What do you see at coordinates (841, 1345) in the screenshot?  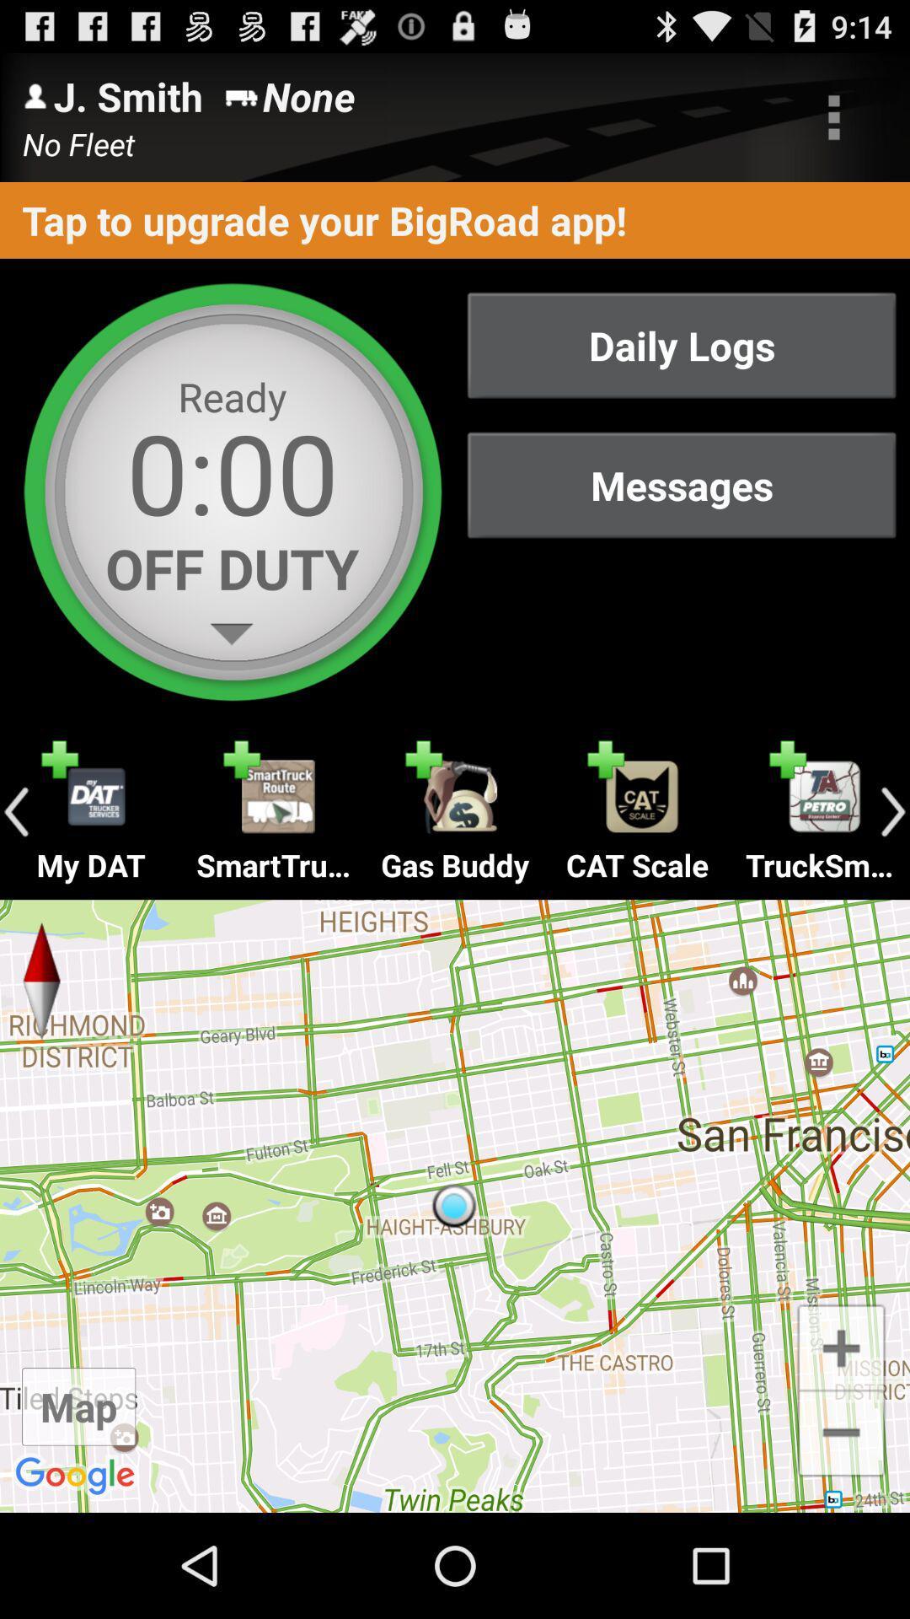 I see `increase zoom` at bounding box center [841, 1345].